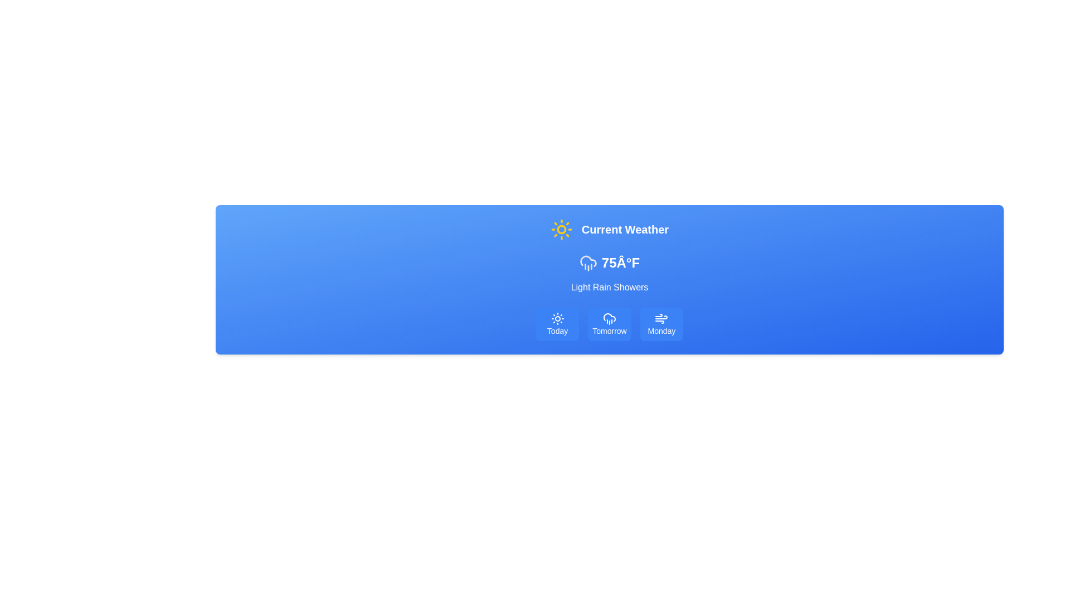  I want to click on the sunny weather icon located to the left of the 'Current Weather' text in the header of the weather information card, so click(561, 229).